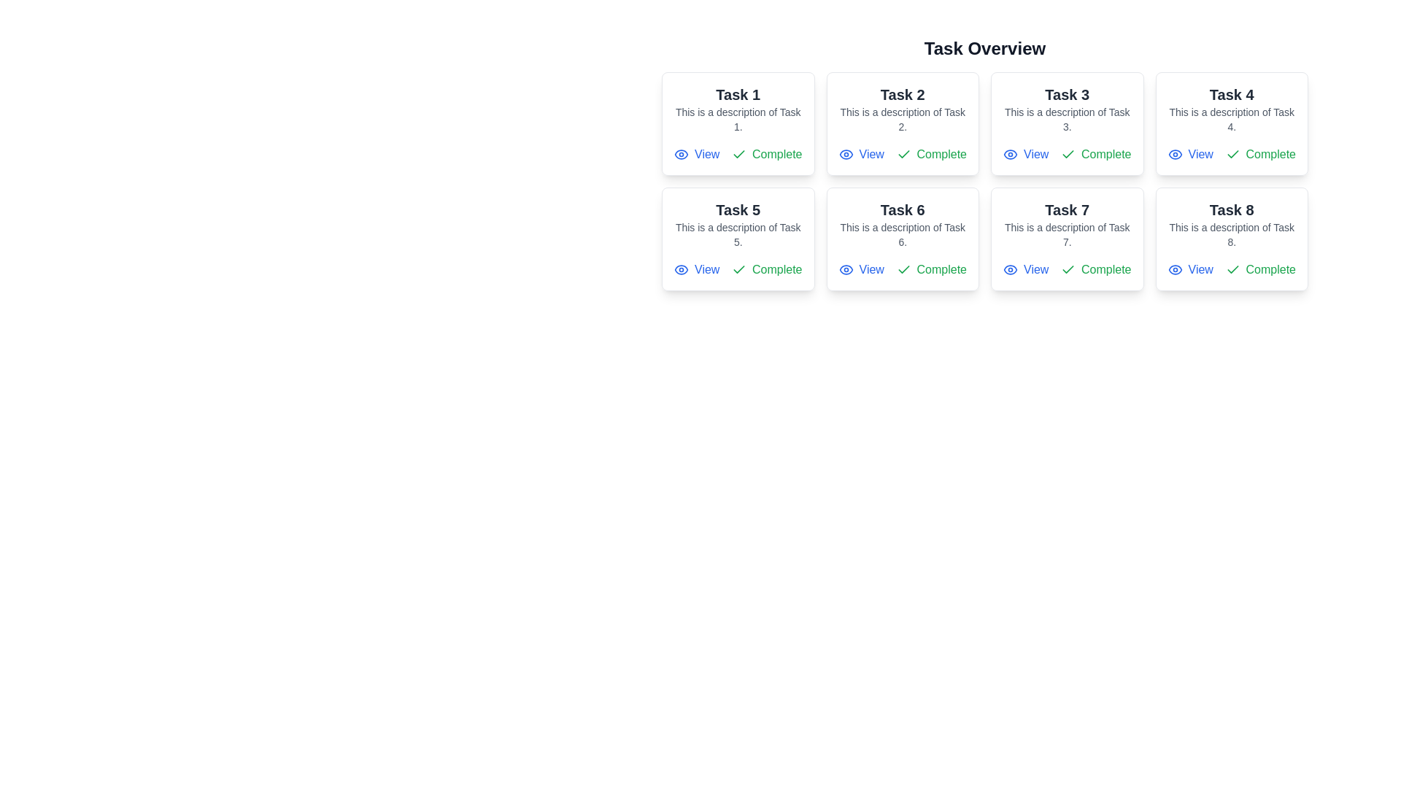  What do you see at coordinates (1259, 270) in the screenshot?
I see `the 'Complete' button with a green text label and checkmark icon located at the bottom right corner of the 'Task 8' card to mark the task as complete` at bounding box center [1259, 270].